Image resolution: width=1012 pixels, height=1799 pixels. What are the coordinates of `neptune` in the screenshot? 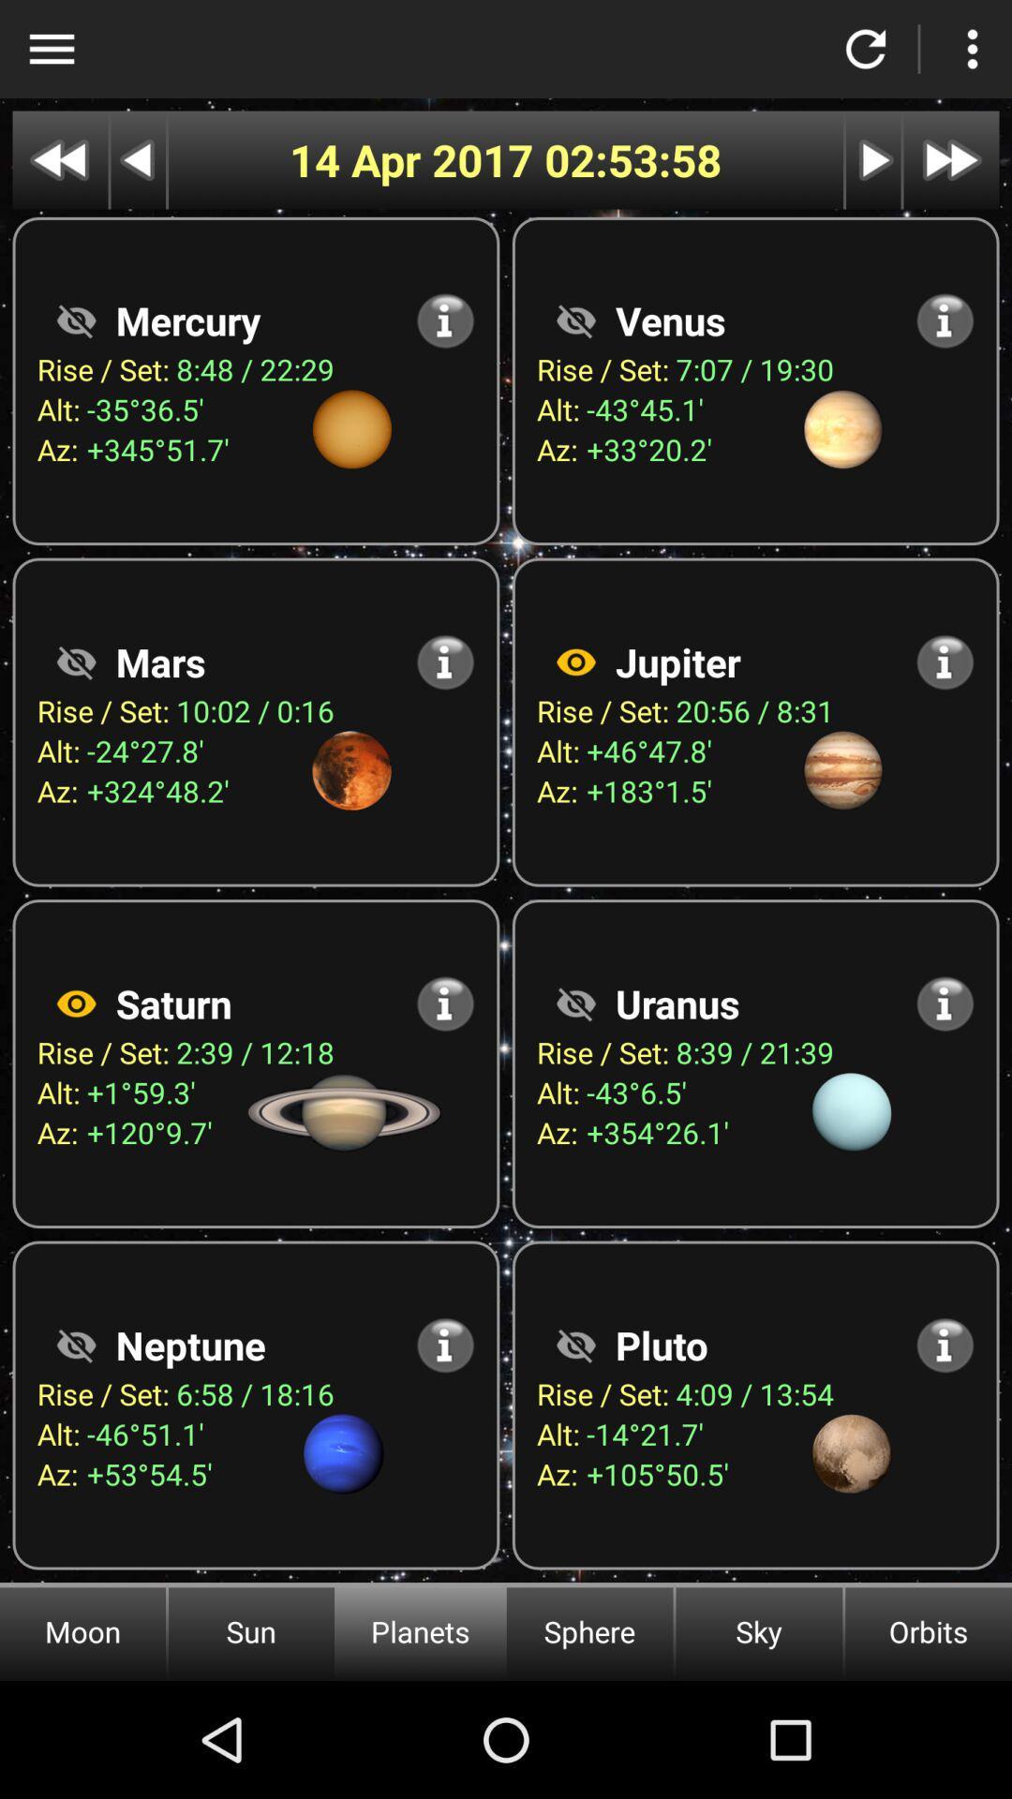 It's located at (75, 1344).